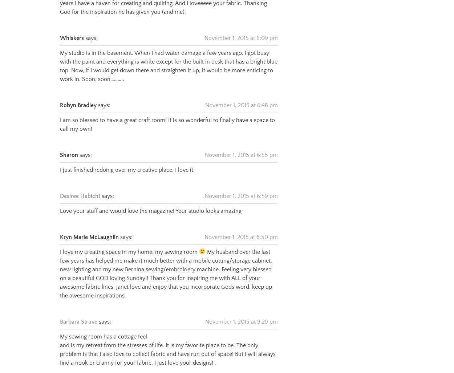  Describe the element at coordinates (60, 312) in the screenshot. I see `'Barbara Struve'` at that location.